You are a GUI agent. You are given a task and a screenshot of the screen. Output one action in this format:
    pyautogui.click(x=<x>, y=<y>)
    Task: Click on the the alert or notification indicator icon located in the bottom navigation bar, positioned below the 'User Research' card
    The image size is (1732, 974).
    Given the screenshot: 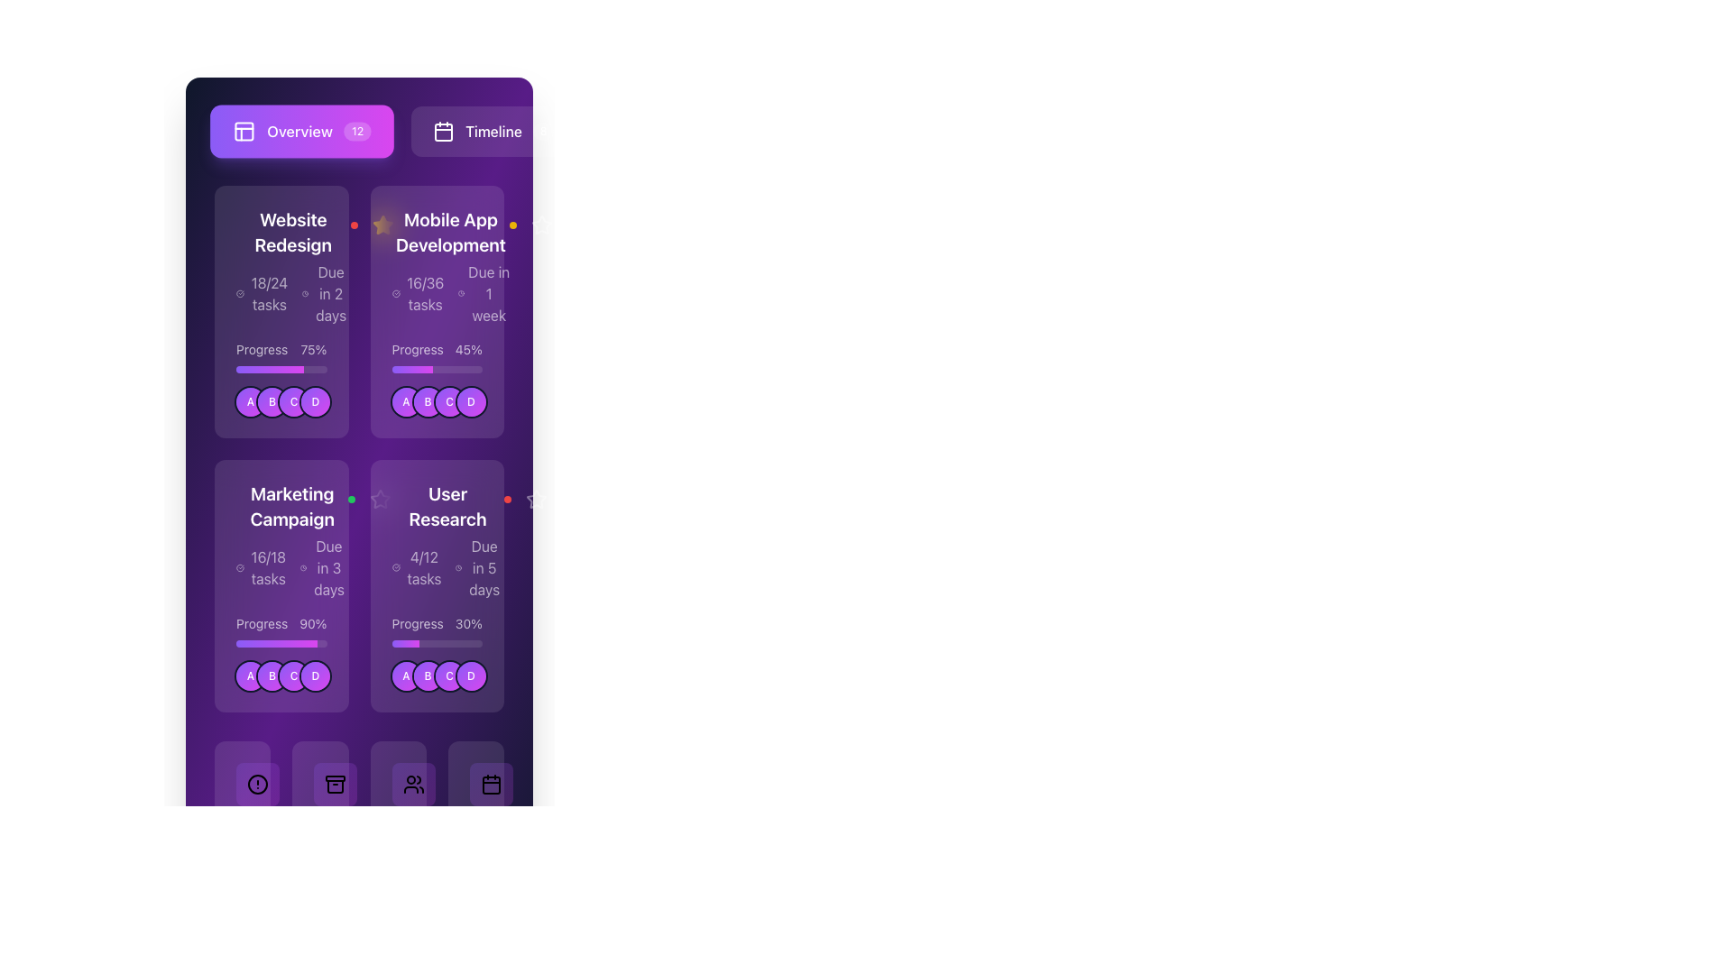 What is the action you would take?
    pyautogui.click(x=257, y=784)
    